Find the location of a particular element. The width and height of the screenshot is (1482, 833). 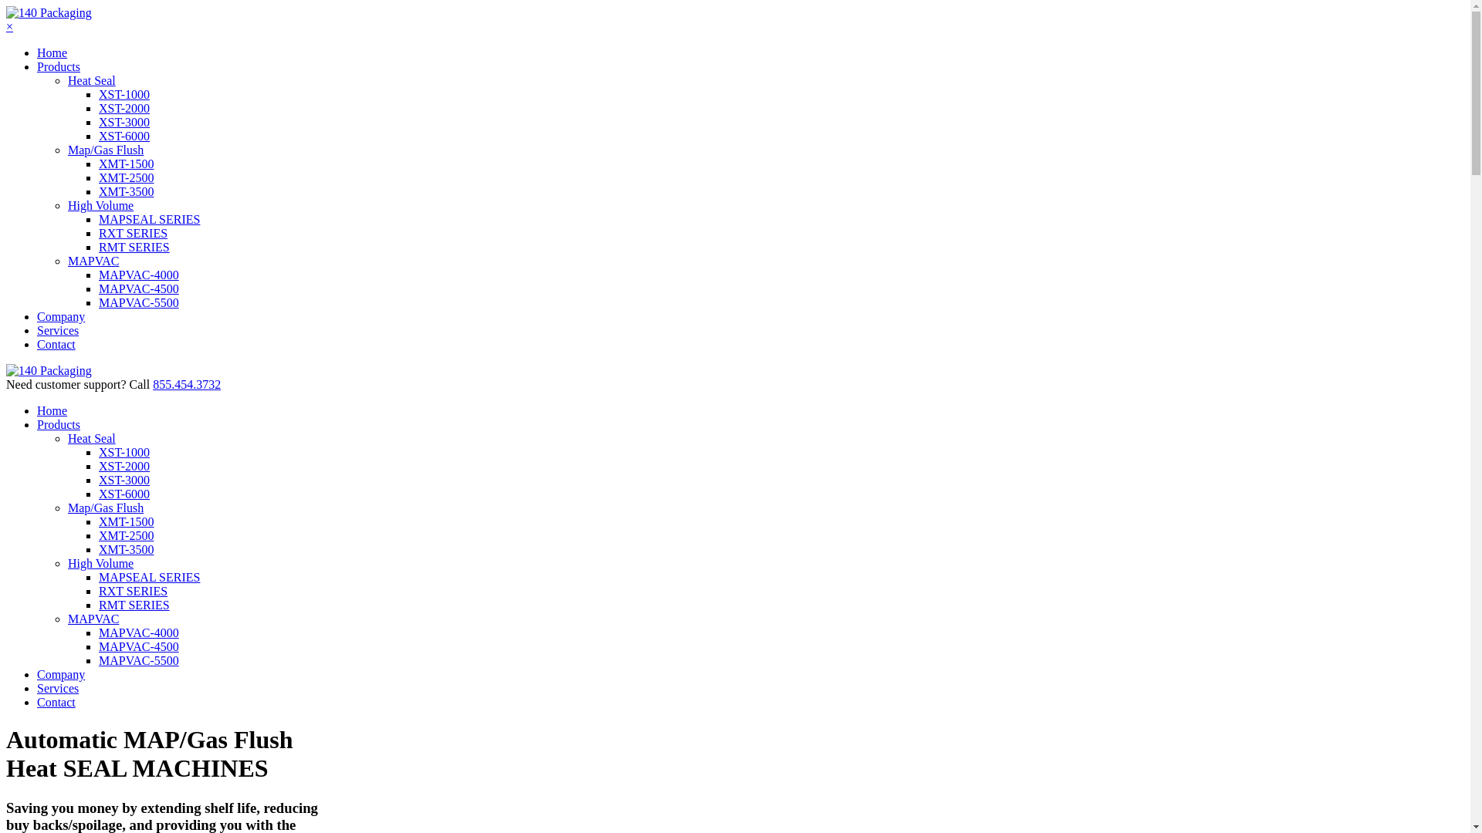

'MAPVAC-4000' is located at coordinates (139, 632).